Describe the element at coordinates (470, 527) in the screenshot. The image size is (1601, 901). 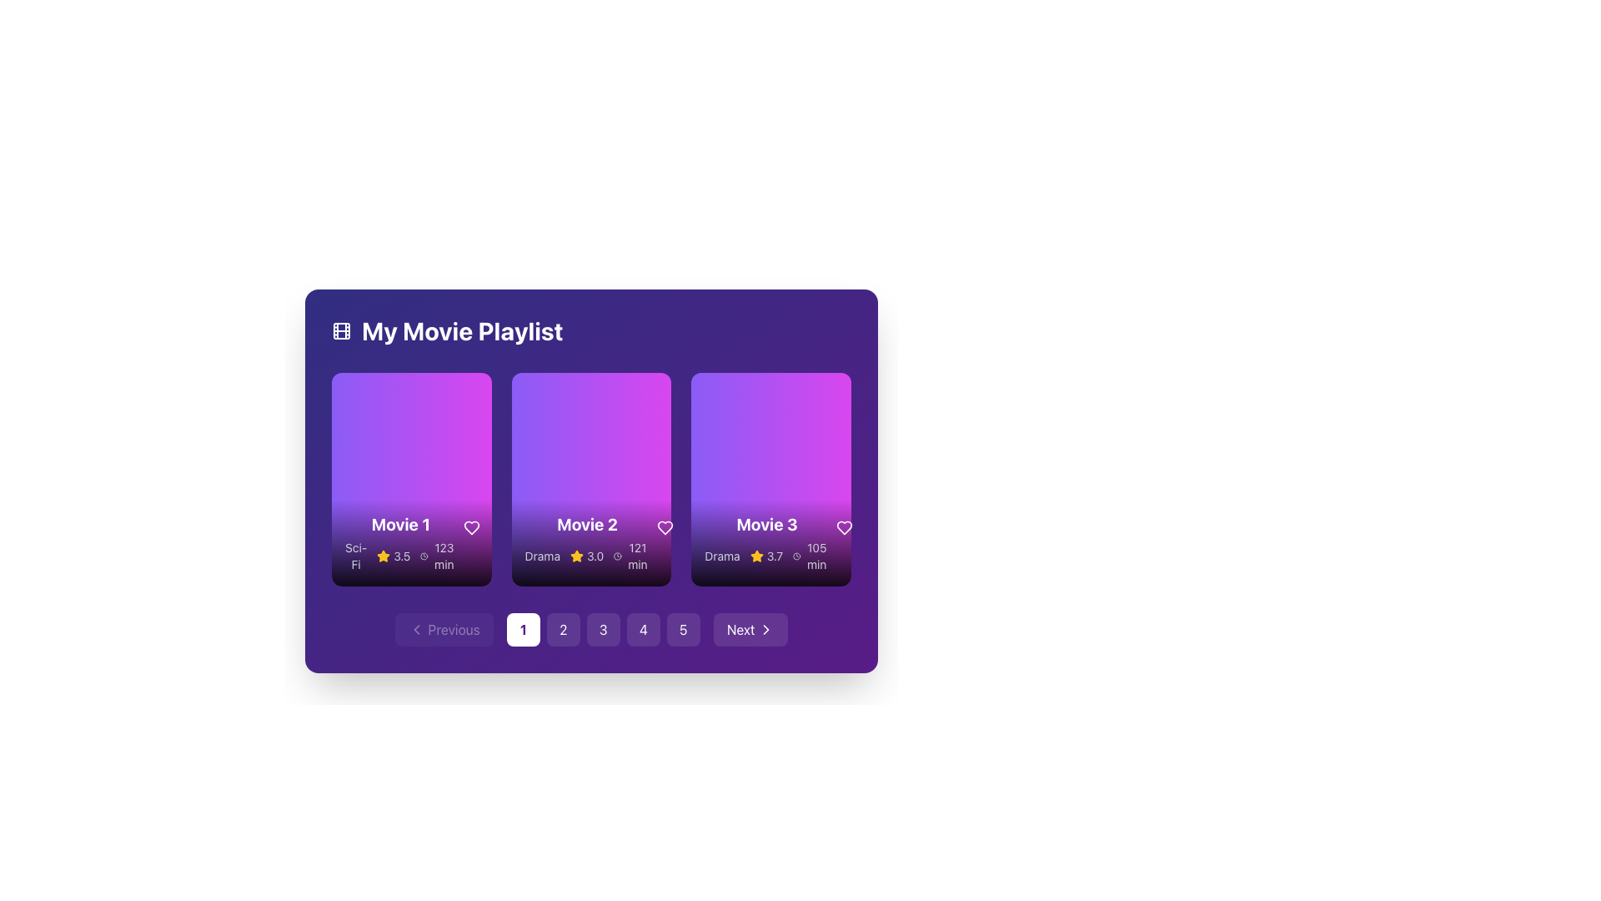
I see `the heart-shaped icon within the circular button located in the bottom-right corner of the Movie 1 card in the playlist to mark the item as favorite` at that location.